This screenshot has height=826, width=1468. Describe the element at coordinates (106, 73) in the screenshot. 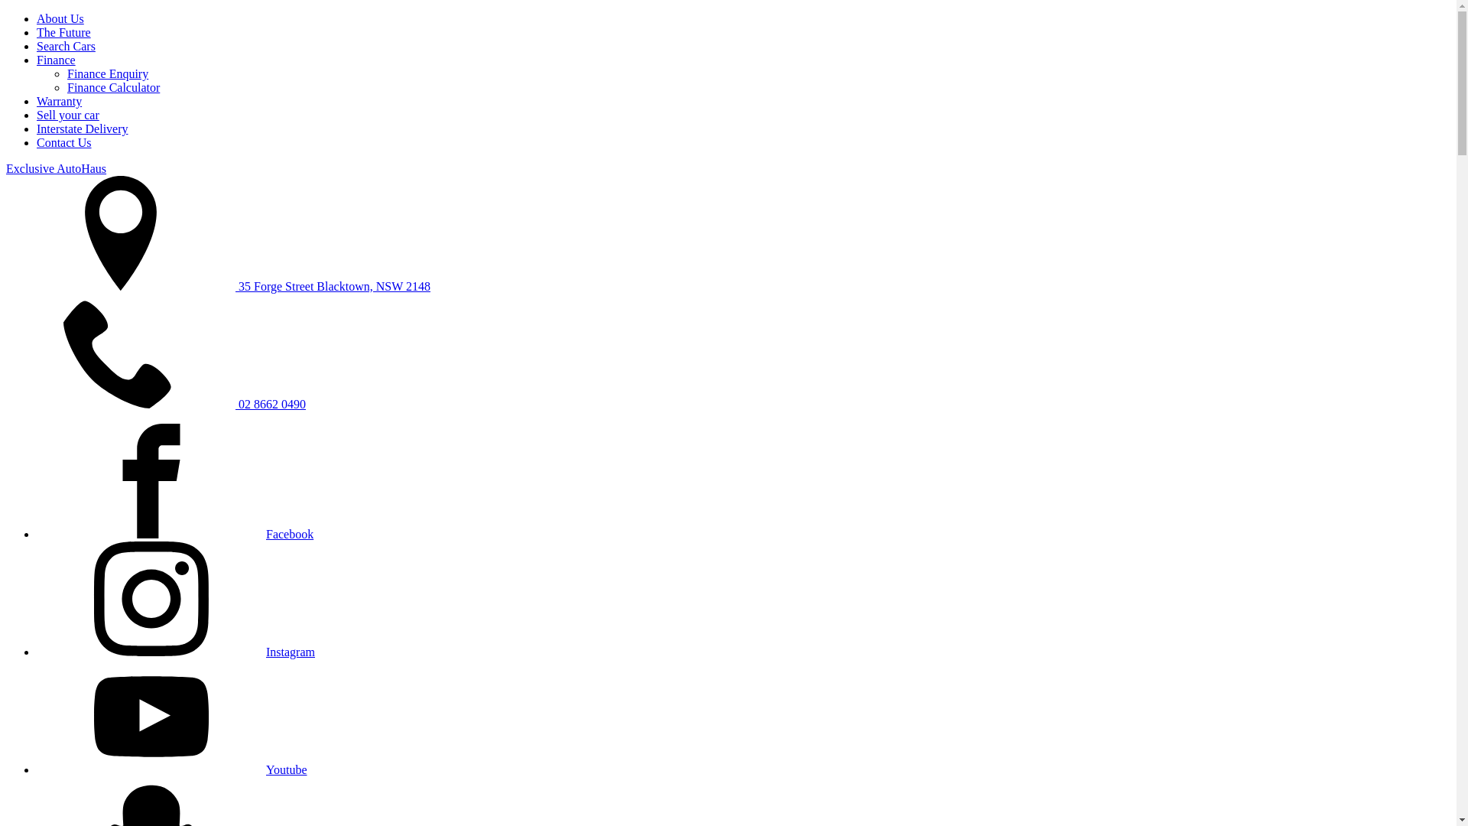

I see `'Finance Enquiry'` at that location.